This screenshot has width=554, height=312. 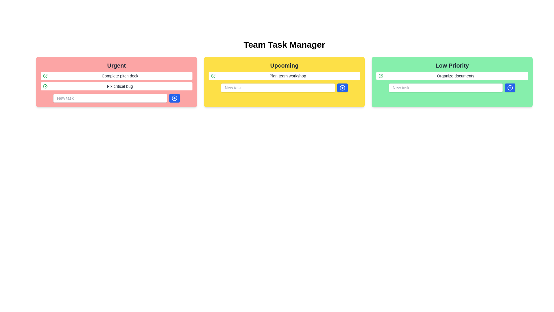 I want to click on the blue rounded button with a plus icon located in the bottom-right corner of the 'Low Priority' task card, so click(x=510, y=88).